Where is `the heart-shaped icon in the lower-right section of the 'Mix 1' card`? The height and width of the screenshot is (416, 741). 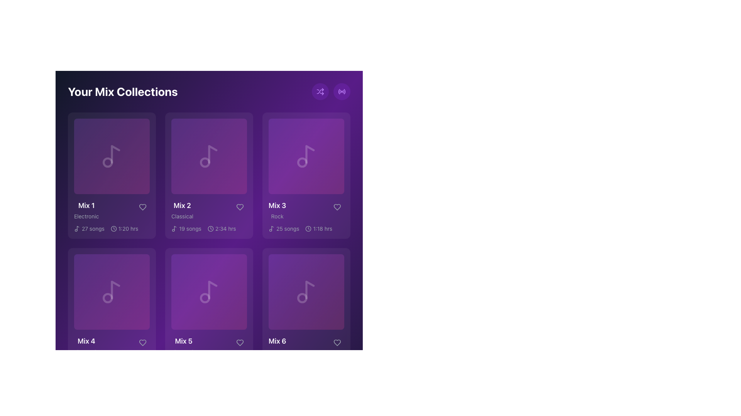
the heart-shaped icon in the lower-right section of the 'Mix 1' card is located at coordinates (142, 206).